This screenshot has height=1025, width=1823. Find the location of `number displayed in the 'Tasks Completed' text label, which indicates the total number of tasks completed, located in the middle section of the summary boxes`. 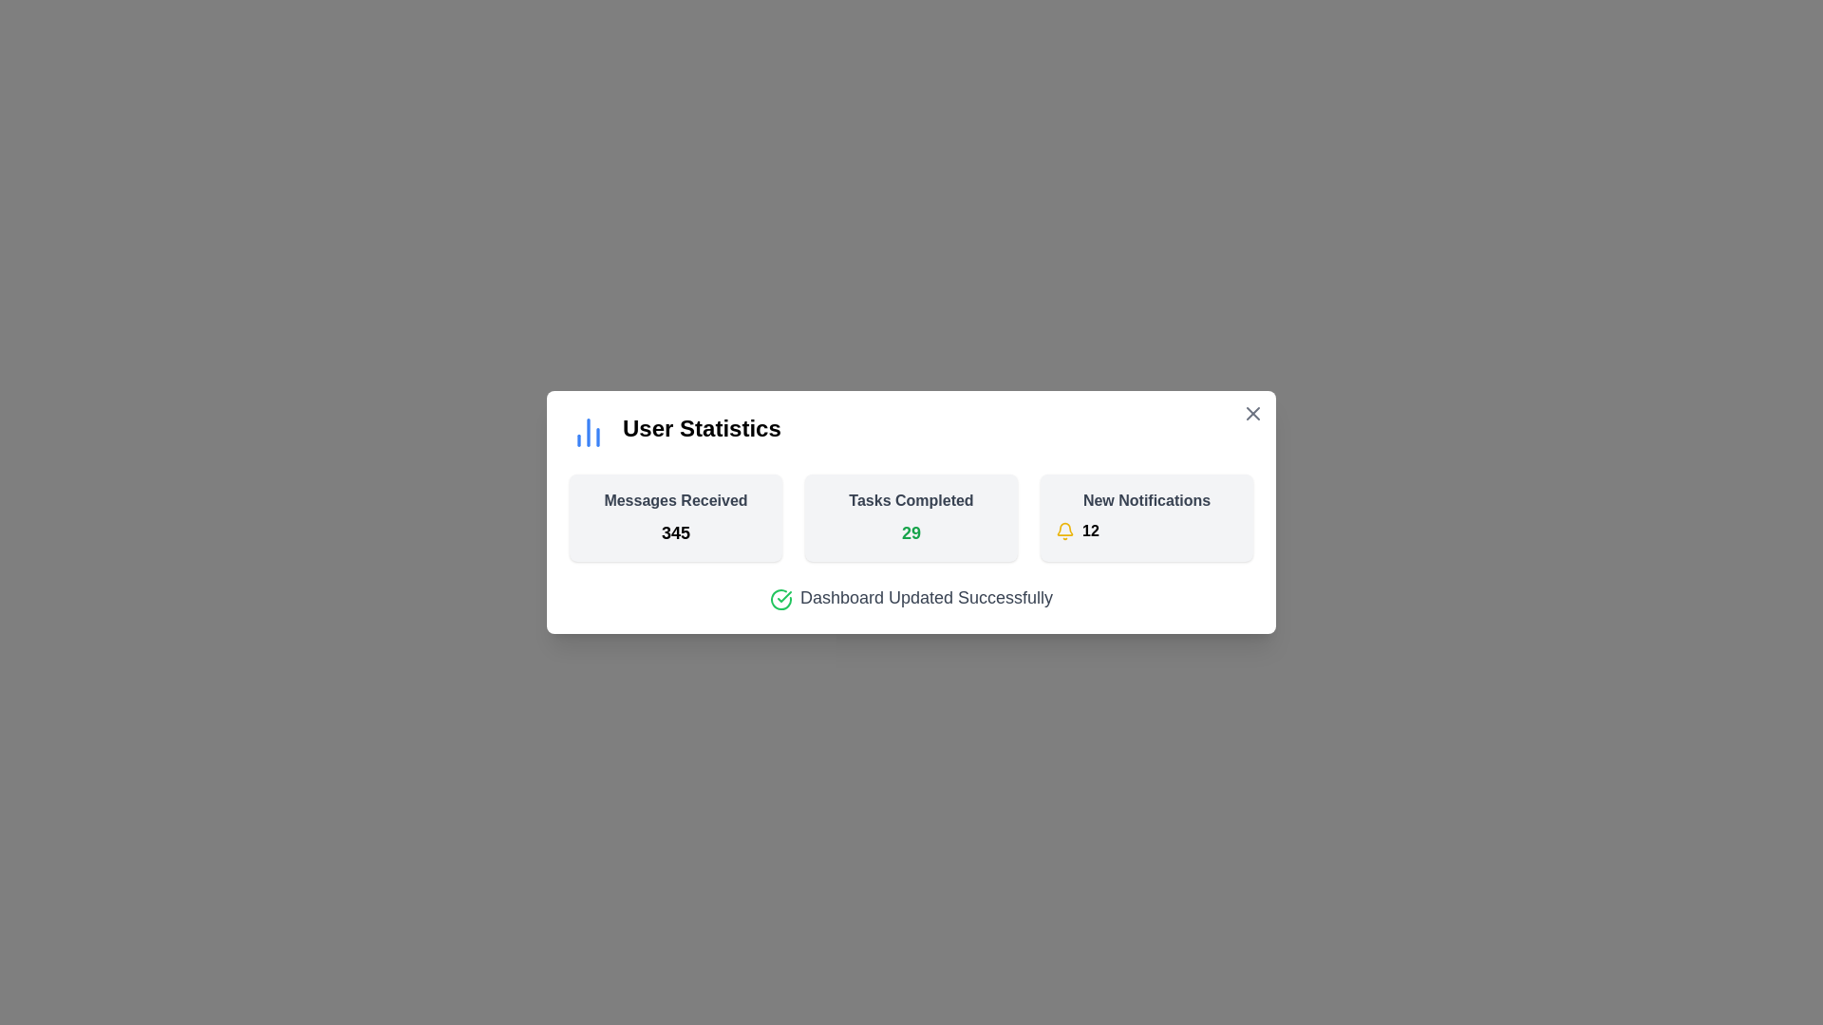

number displayed in the 'Tasks Completed' text label, which indicates the total number of tasks completed, located in the middle section of the summary boxes is located at coordinates (911, 533).